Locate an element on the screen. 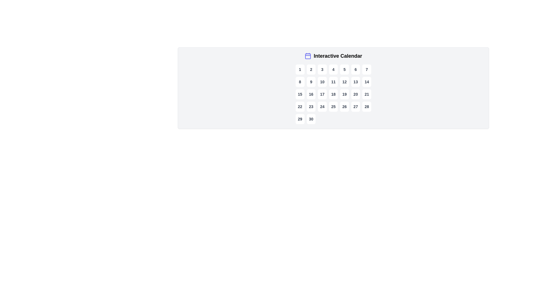  the rounded rectangular button with a white background displaying the gray number '4' is located at coordinates (333, 69).